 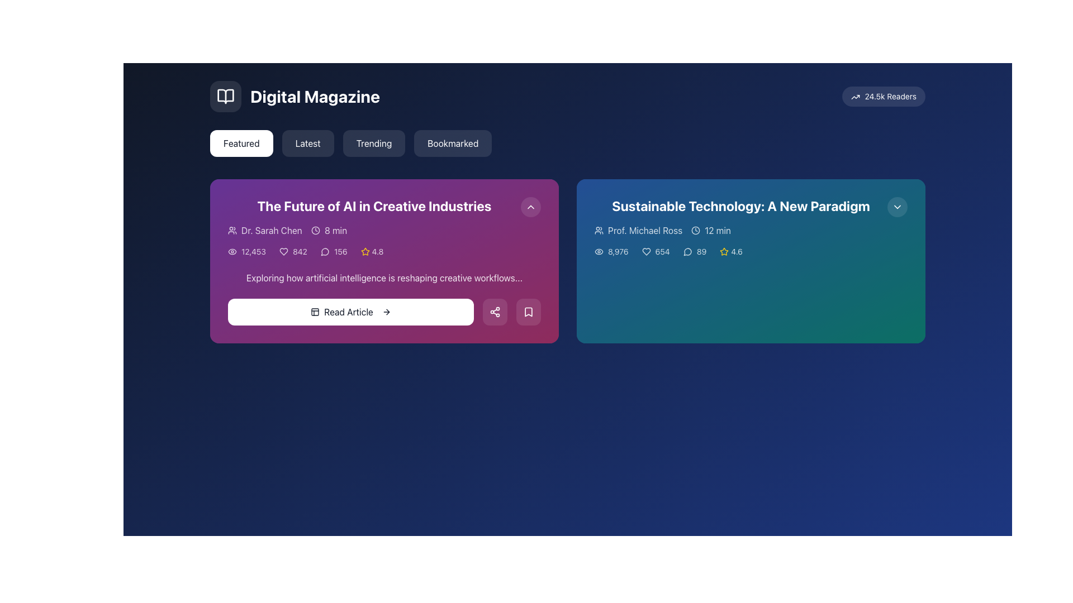 What do you see at coordinates (611, 252) in the screenshot?
I see `the view count element for the article 'Sustainable Technology: A New Paradigm', which displays the number of views and is located to the left of the heart icon in the metadata row` at bounding box center [611, 252].